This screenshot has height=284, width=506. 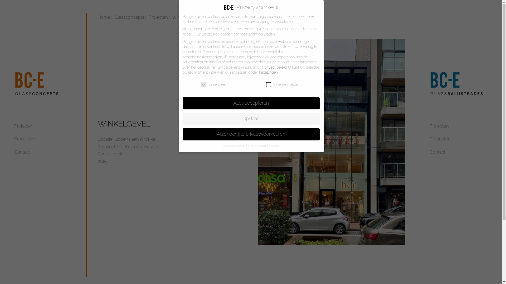 I want to click on 'Contact', so click(x=437, y=152).